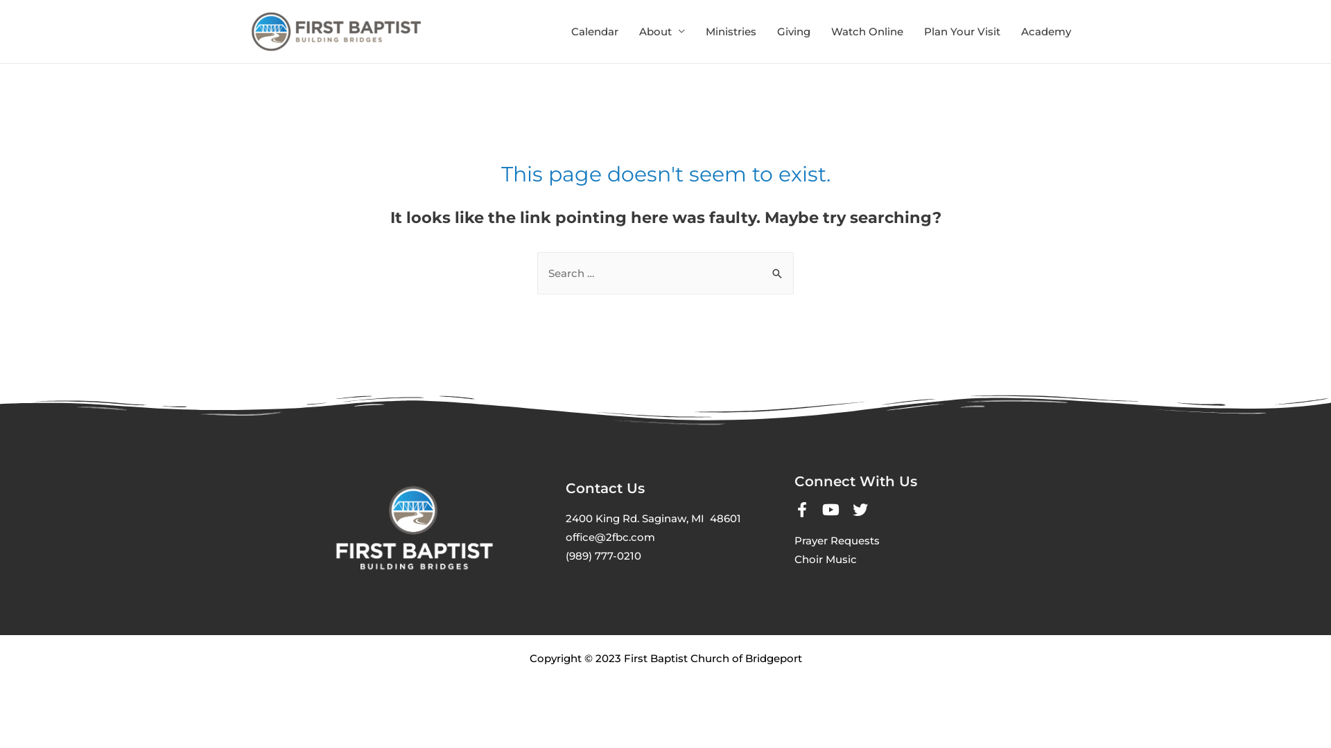  What do you see at coordinates (1045, 31) in the screenshot?
I see `'Academy'` at bounding box center [1045, 31].